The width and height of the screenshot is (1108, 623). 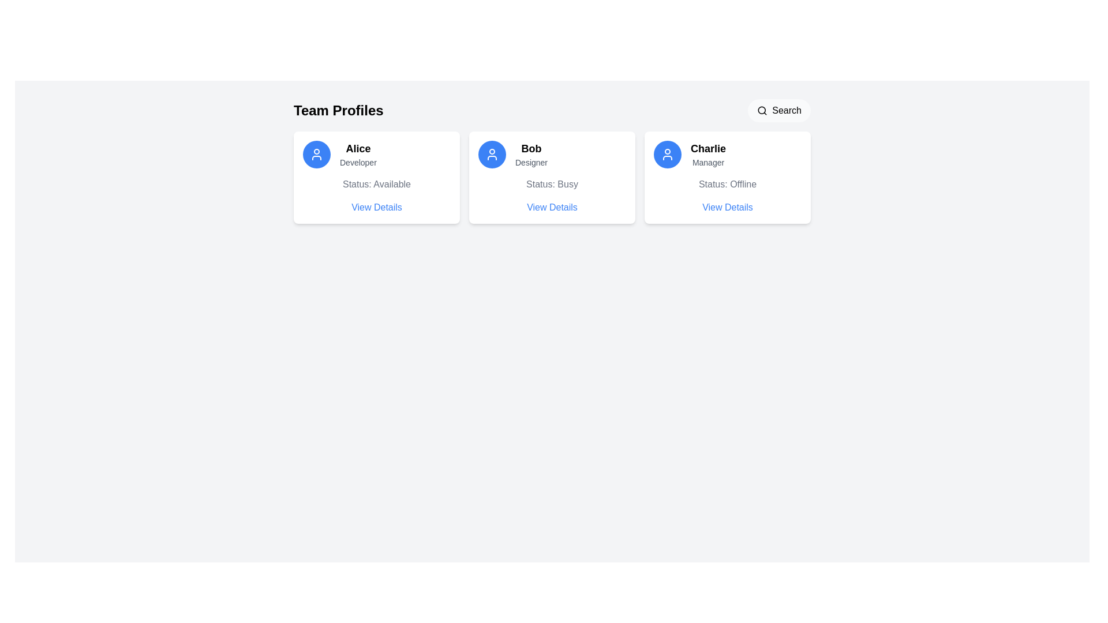 I want to click on the circular blue button with a white user profile icon located to the left of Alice's name and description, so click(x=316, y=153).